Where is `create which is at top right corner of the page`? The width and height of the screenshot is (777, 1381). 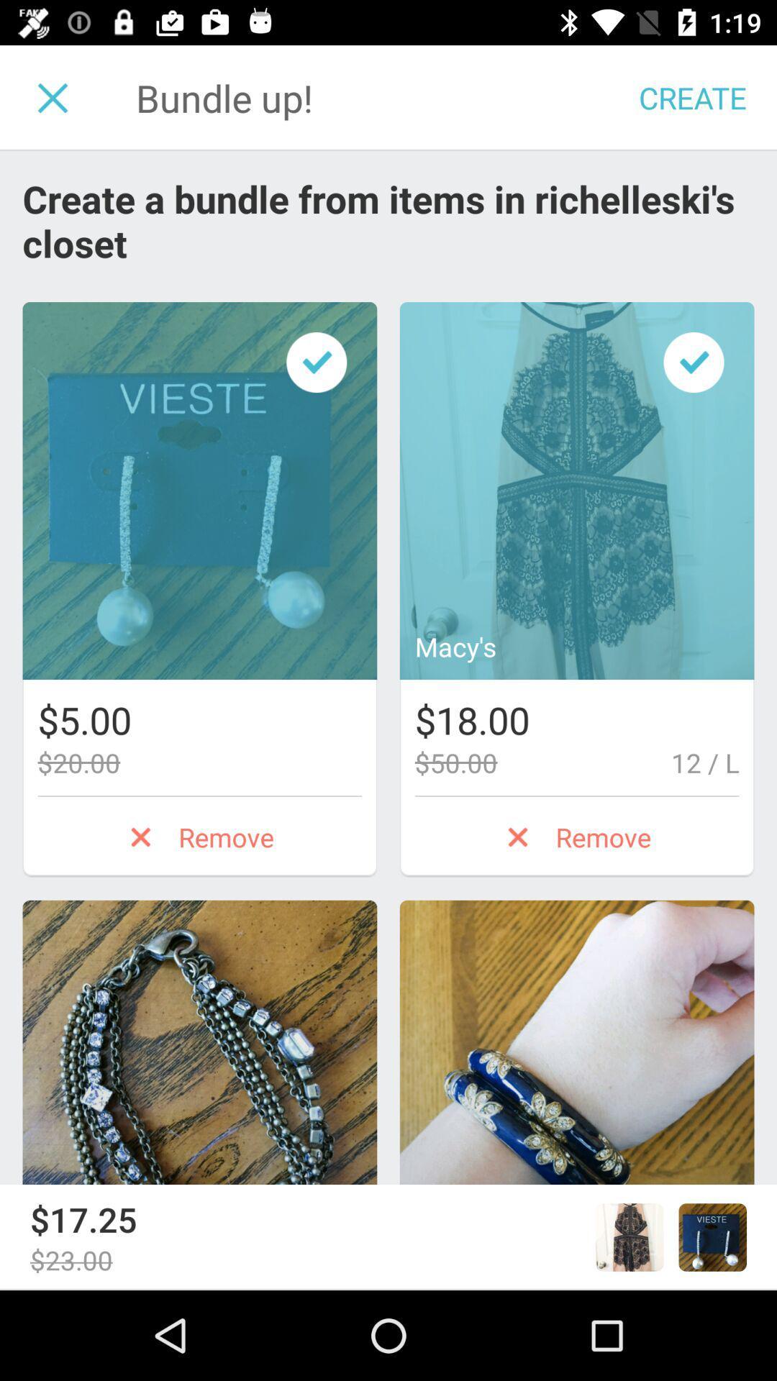
create which is at top right corner of the page is located at coordinates (692, 96).